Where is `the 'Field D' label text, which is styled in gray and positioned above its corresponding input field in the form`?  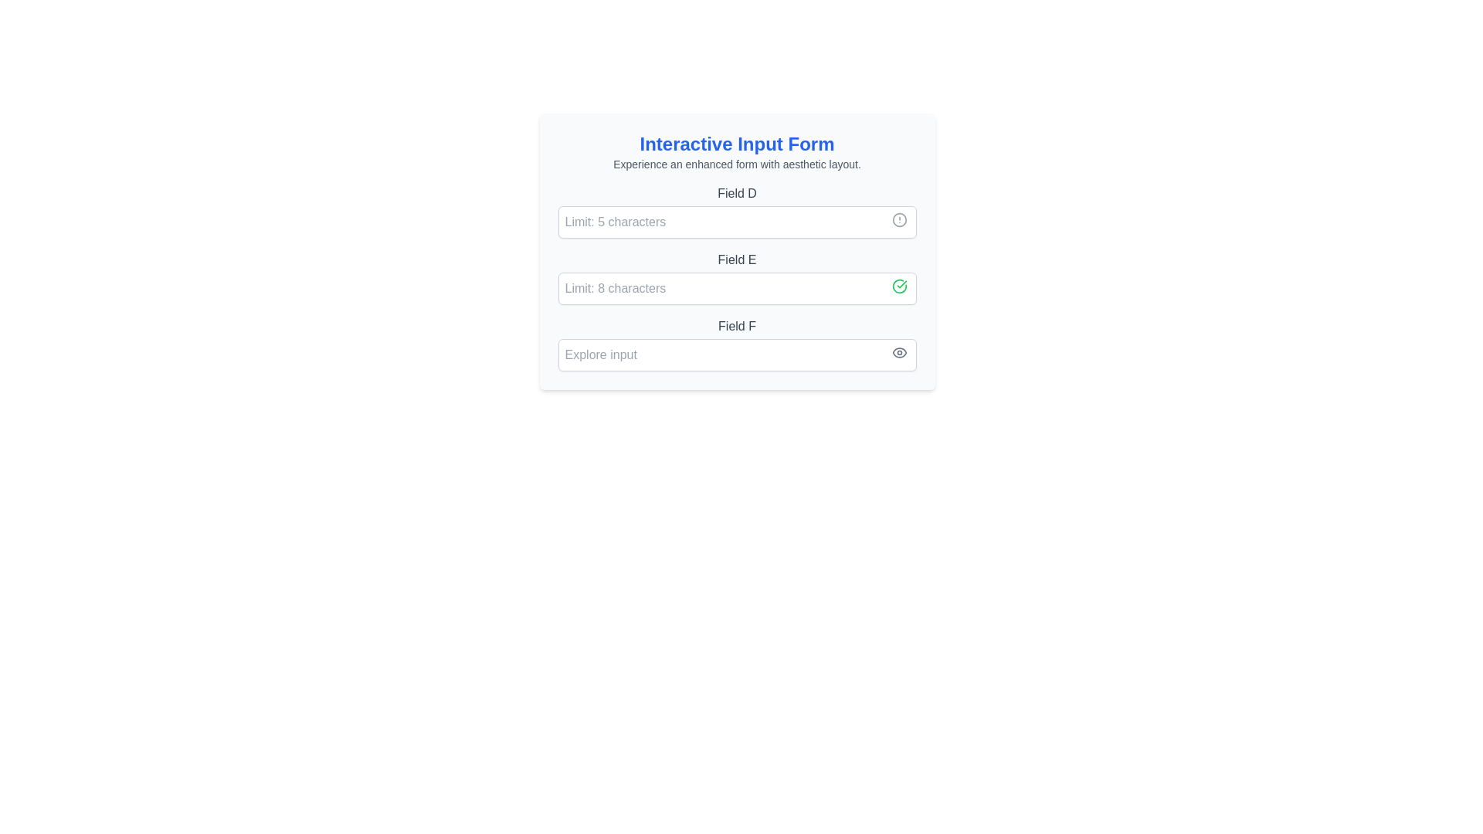
the 'Field D' label text, which is styled in gray and positioned above its corresponding input field in the form is located at coordinates (736, 192).